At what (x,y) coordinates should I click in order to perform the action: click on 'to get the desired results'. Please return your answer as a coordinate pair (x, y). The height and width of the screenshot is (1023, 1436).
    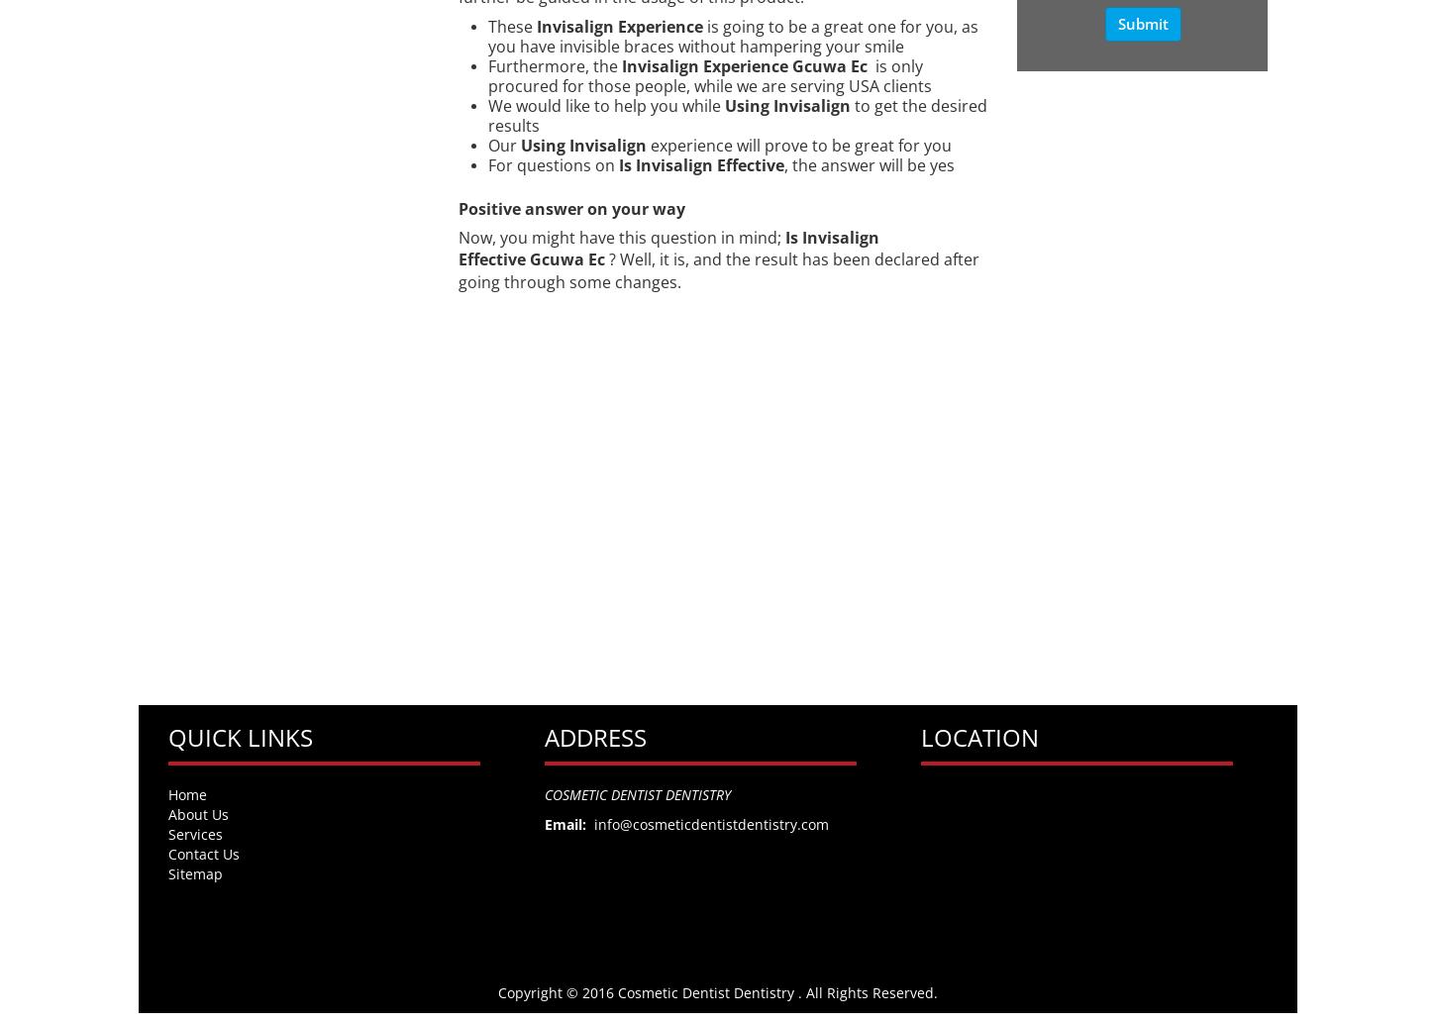
    Looking at the image, I should click on (736, 115).